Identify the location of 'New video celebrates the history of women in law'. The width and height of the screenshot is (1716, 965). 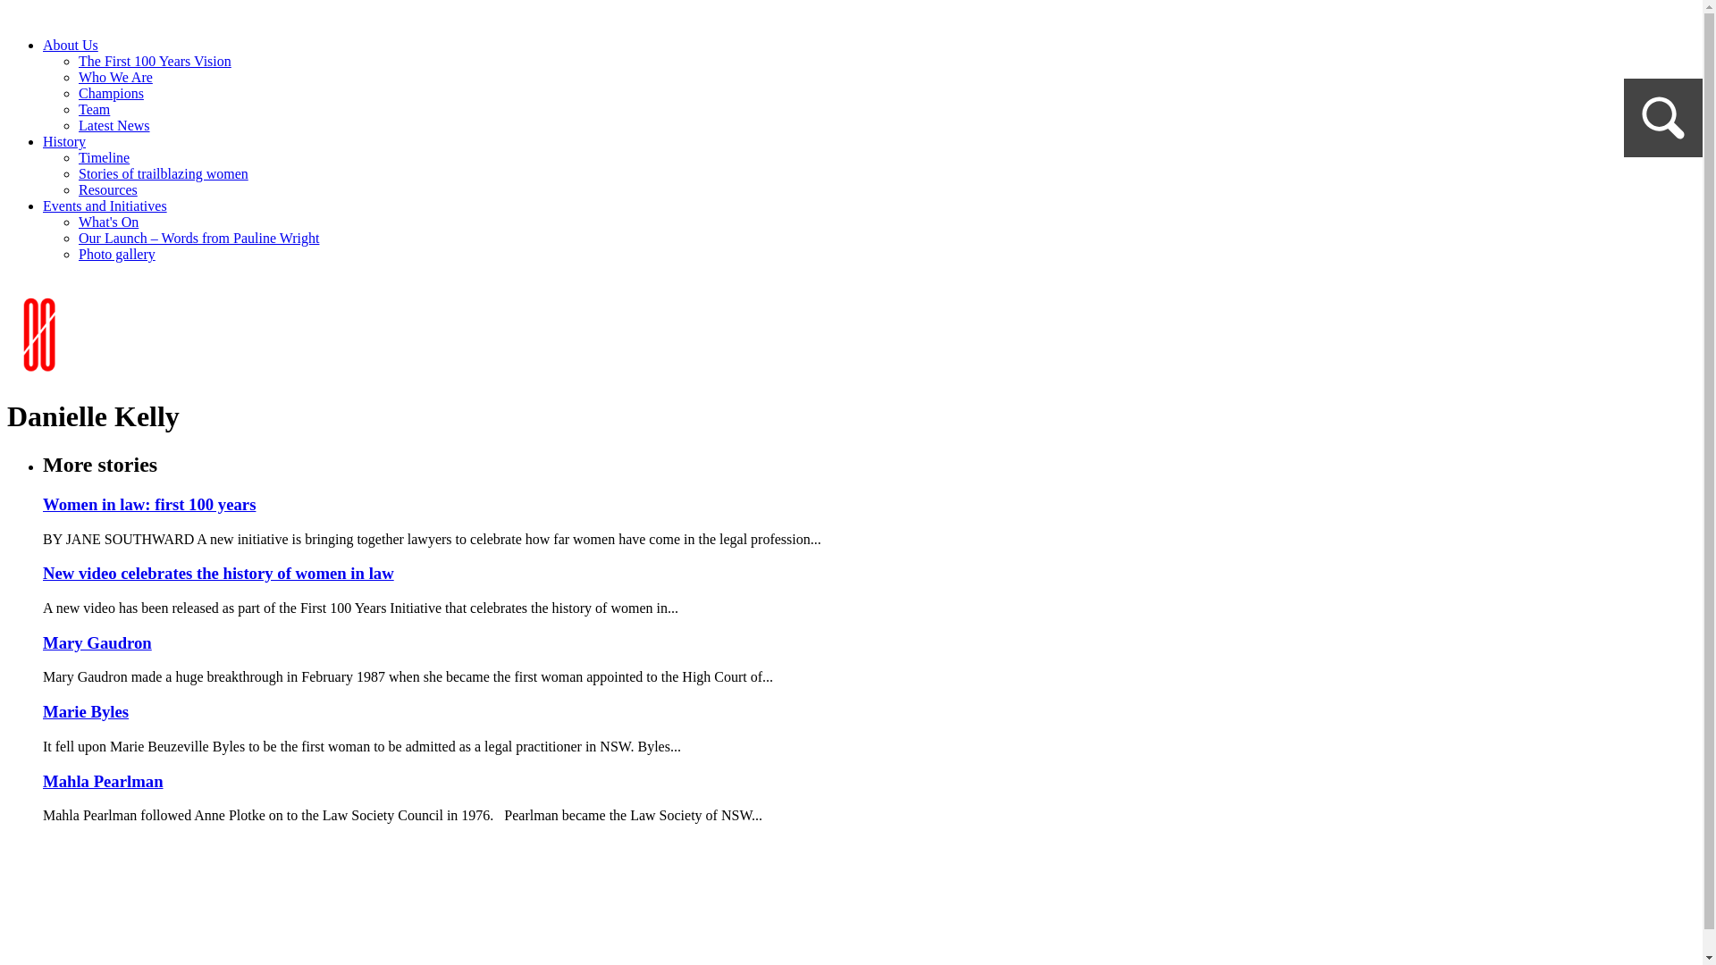
(217, 573).